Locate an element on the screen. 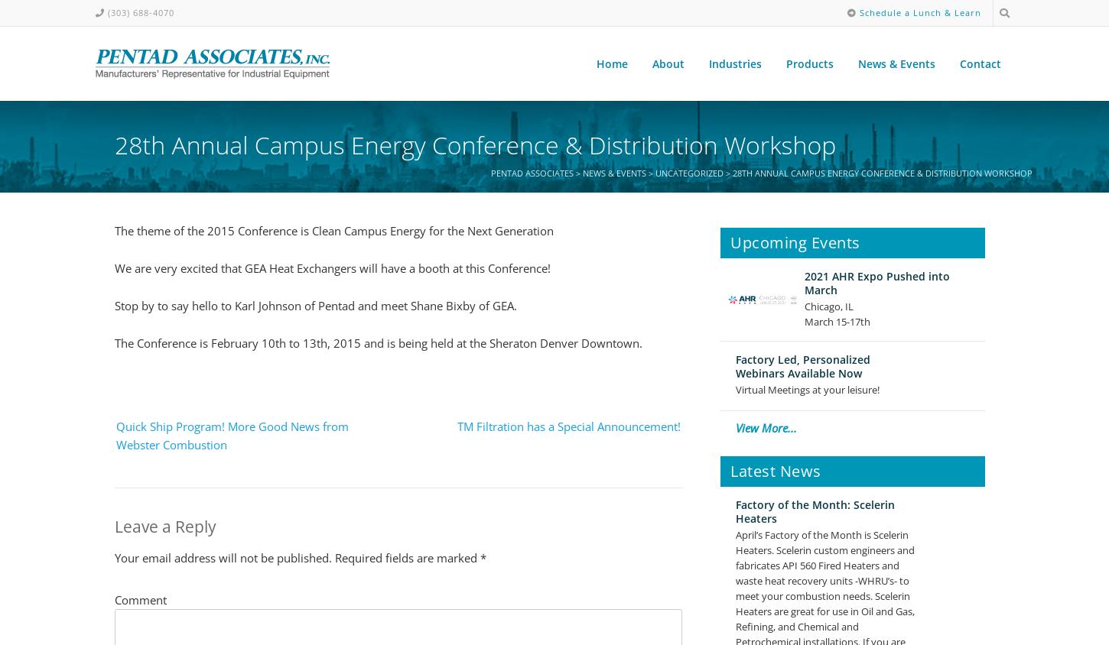 The width and height of the screenshot is (1109, 645). 'View More...' is located at coordinates (766, 427).